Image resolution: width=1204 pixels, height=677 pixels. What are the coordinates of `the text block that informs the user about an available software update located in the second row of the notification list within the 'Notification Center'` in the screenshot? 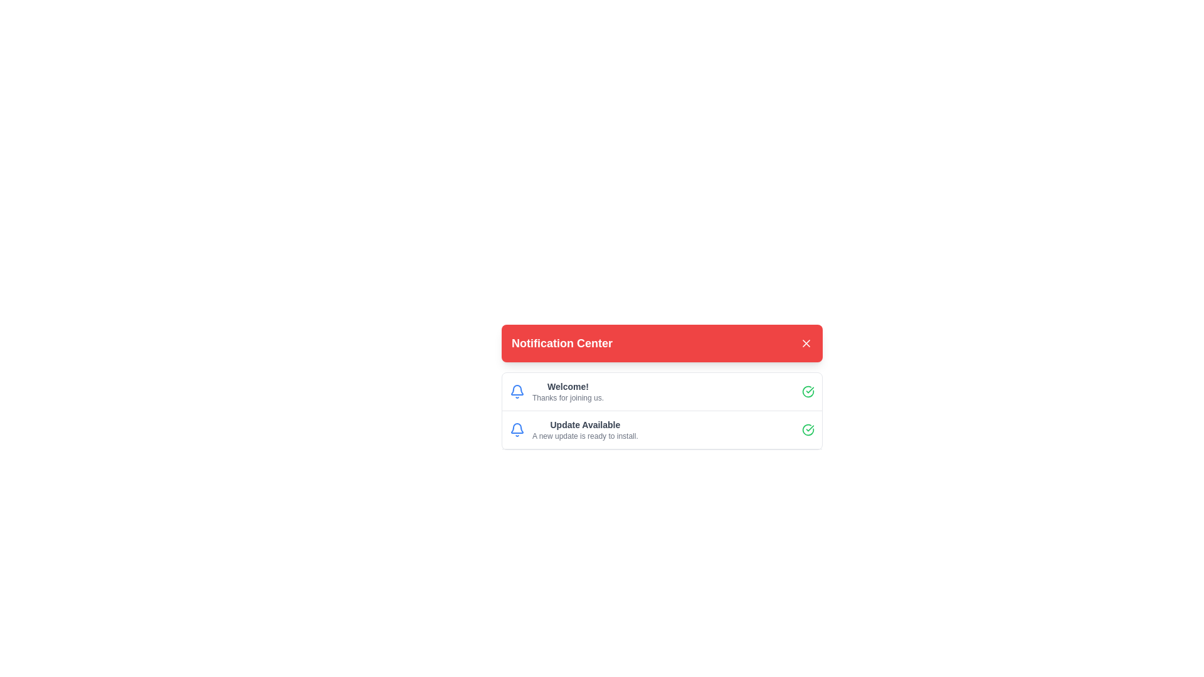 It's located at (584, 429).